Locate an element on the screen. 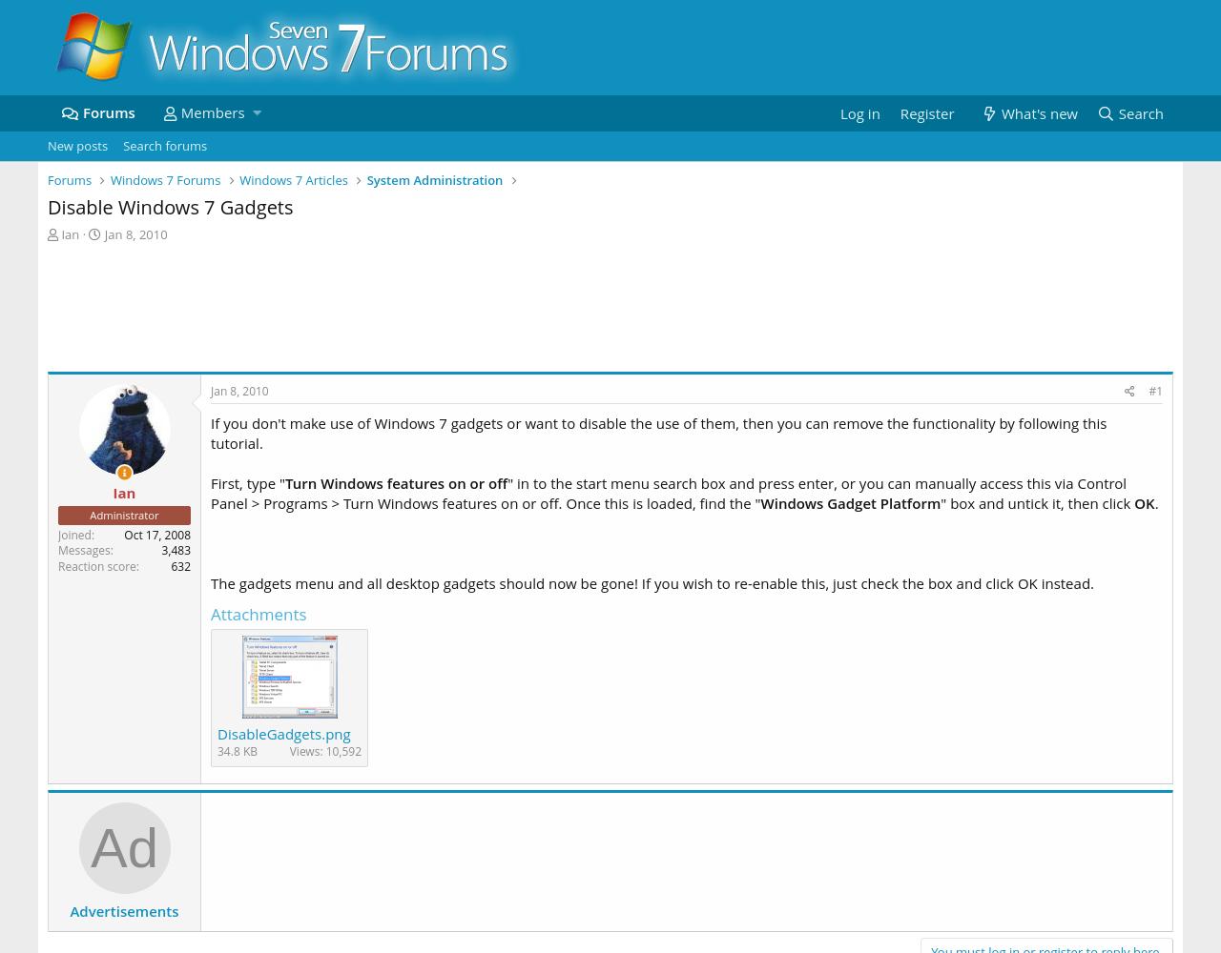 The image size is (1221, 953). 'If you don't make use of Windows 7 gadgets or want to disable the use of them, then you can remove the functionality by following this tutorial.' is located at coordinates (211, 432).